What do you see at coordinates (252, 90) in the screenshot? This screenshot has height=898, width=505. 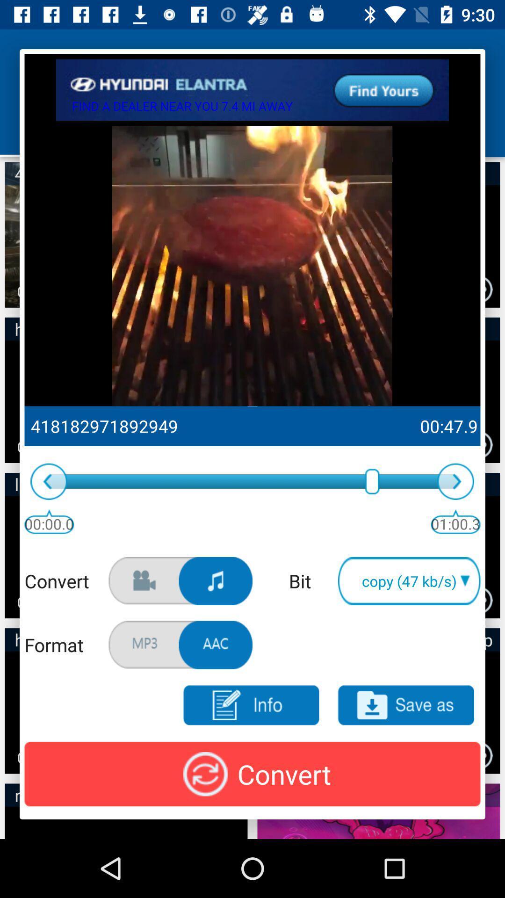 I see `in app advertisement` at bounding box center [252, 90].